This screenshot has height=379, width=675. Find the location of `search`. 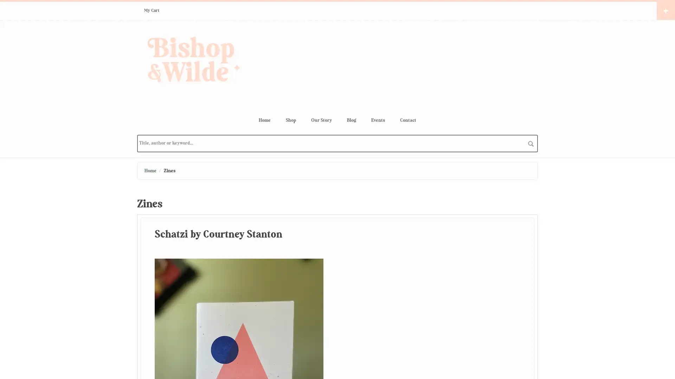

search is located at coordinates (531, 143).